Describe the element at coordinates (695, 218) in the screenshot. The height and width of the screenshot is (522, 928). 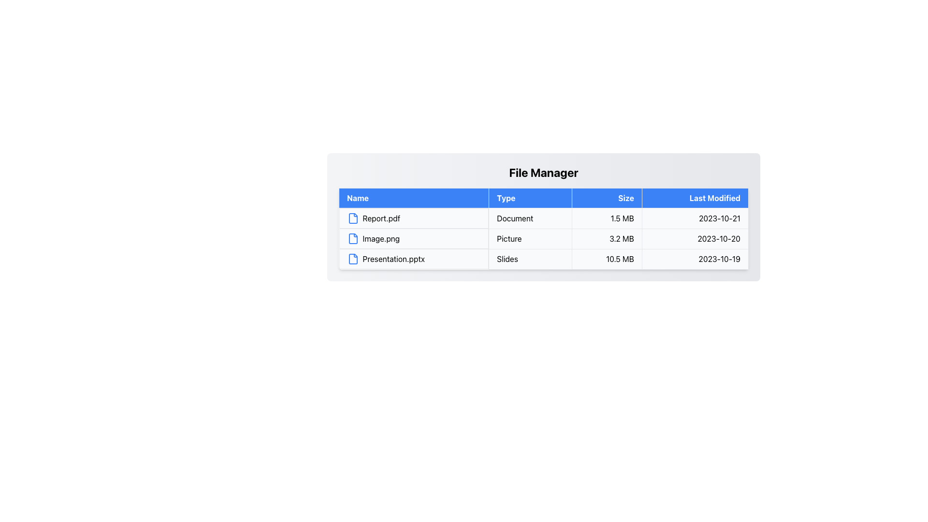
I see `text content of the label displaying the date '2023-10-21' under the 'Last Modified' column for the file 'Report.pdf'` at that location.